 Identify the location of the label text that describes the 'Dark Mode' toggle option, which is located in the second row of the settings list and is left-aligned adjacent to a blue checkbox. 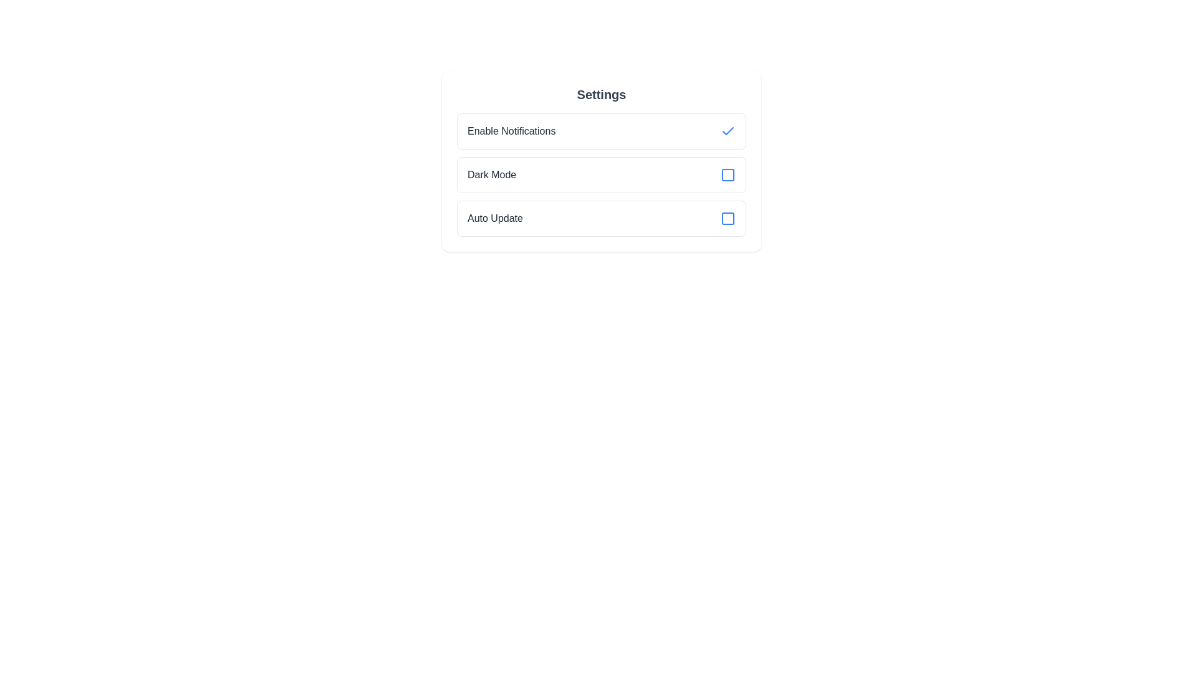
(491, 175).